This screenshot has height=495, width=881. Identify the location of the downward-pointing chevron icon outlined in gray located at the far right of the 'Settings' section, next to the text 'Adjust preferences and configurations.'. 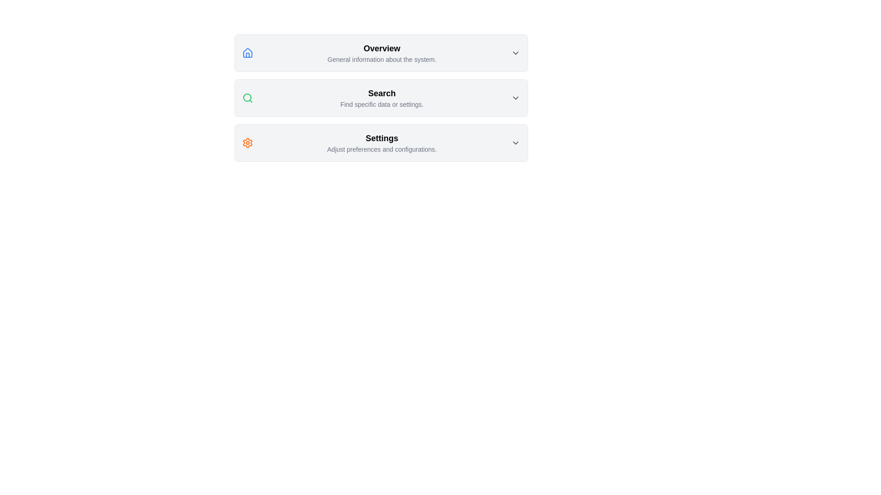
(515, 143).